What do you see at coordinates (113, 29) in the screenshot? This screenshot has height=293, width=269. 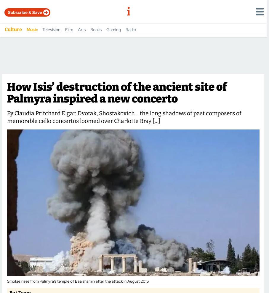 I see `'Gaming'` at bounding box center [113, 29].